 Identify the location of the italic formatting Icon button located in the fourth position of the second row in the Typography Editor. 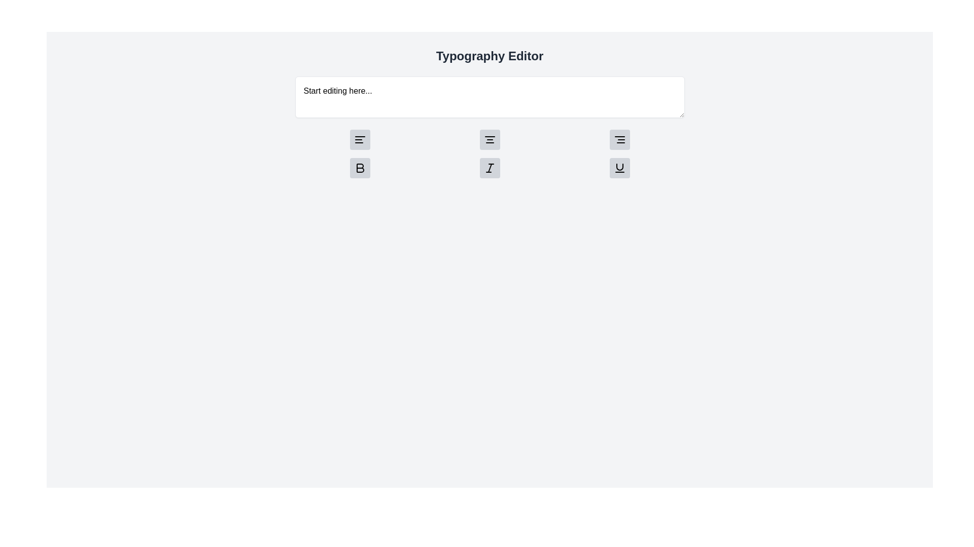
(490, 167).